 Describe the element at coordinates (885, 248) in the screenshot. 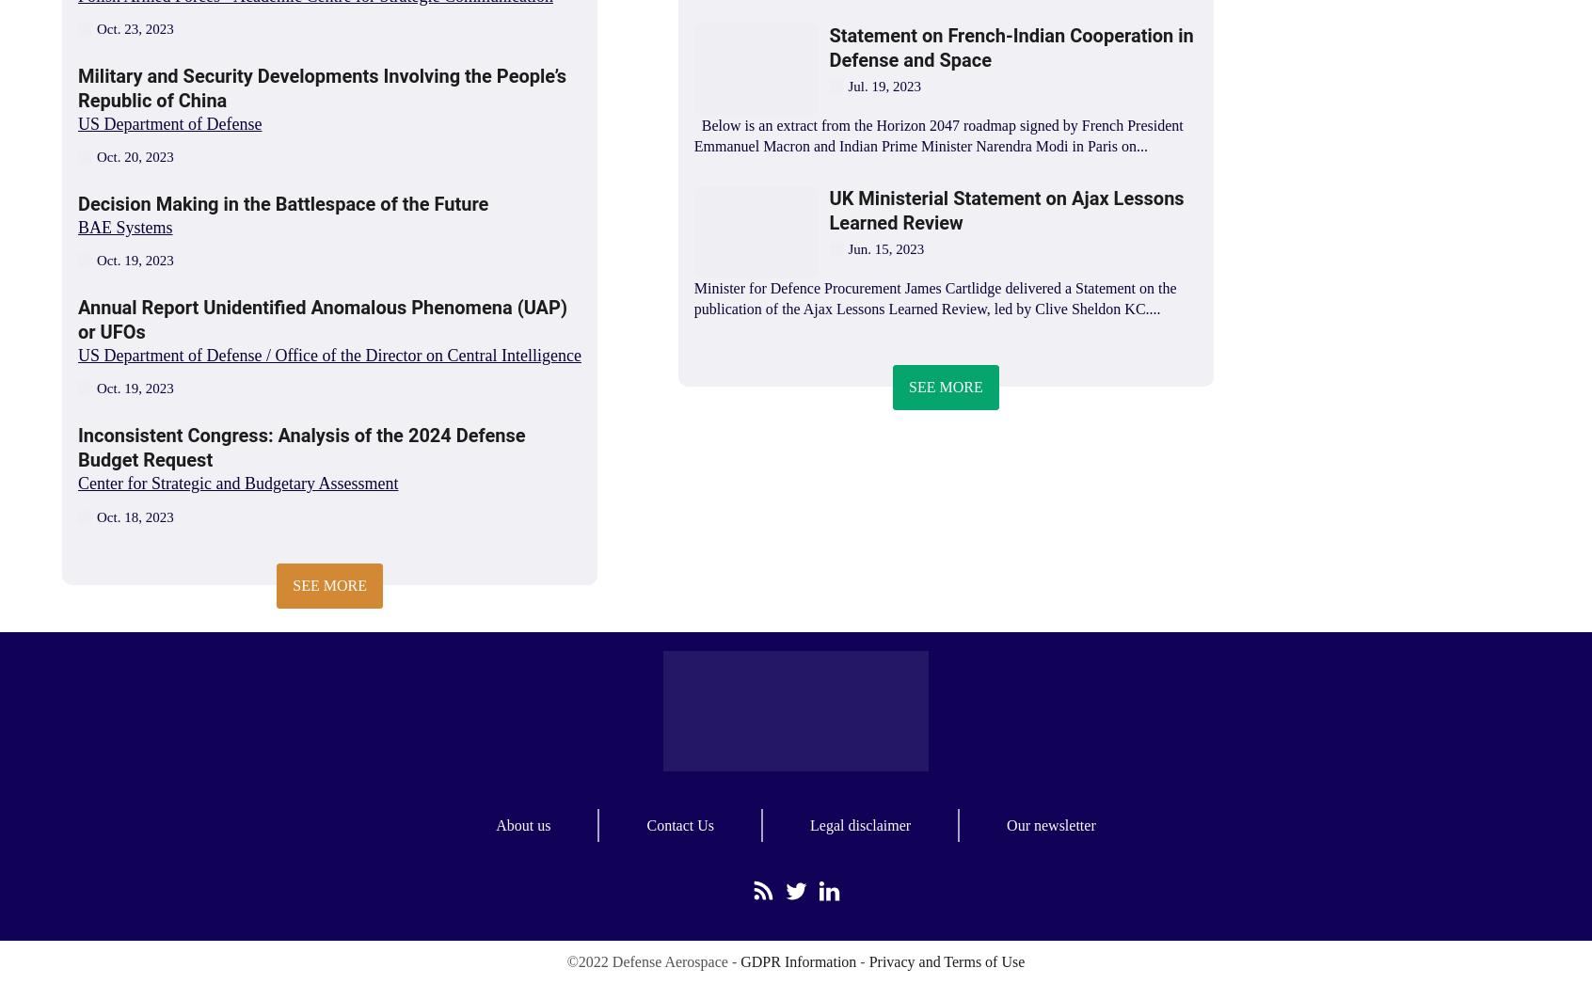

I see `'Jun. 15, 2023'` at that location.